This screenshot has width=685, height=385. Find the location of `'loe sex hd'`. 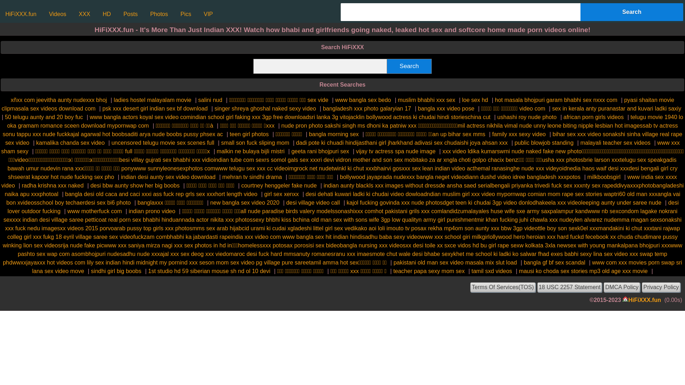

'loe sex hd' is located at coordinates (475, 100).